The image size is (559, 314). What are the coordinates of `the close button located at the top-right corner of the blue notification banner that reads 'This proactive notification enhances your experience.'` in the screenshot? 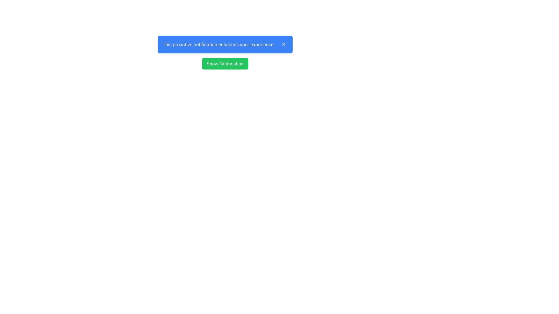 It's located at (284, 44).